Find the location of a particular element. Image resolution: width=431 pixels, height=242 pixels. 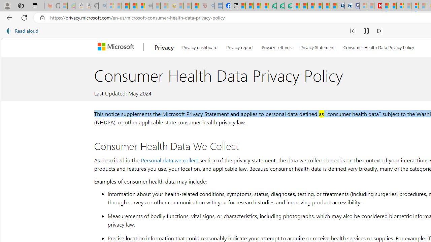

'New Report Confirms 2023 Was Record Hot | Watch' is located at coordinates (141, 6).